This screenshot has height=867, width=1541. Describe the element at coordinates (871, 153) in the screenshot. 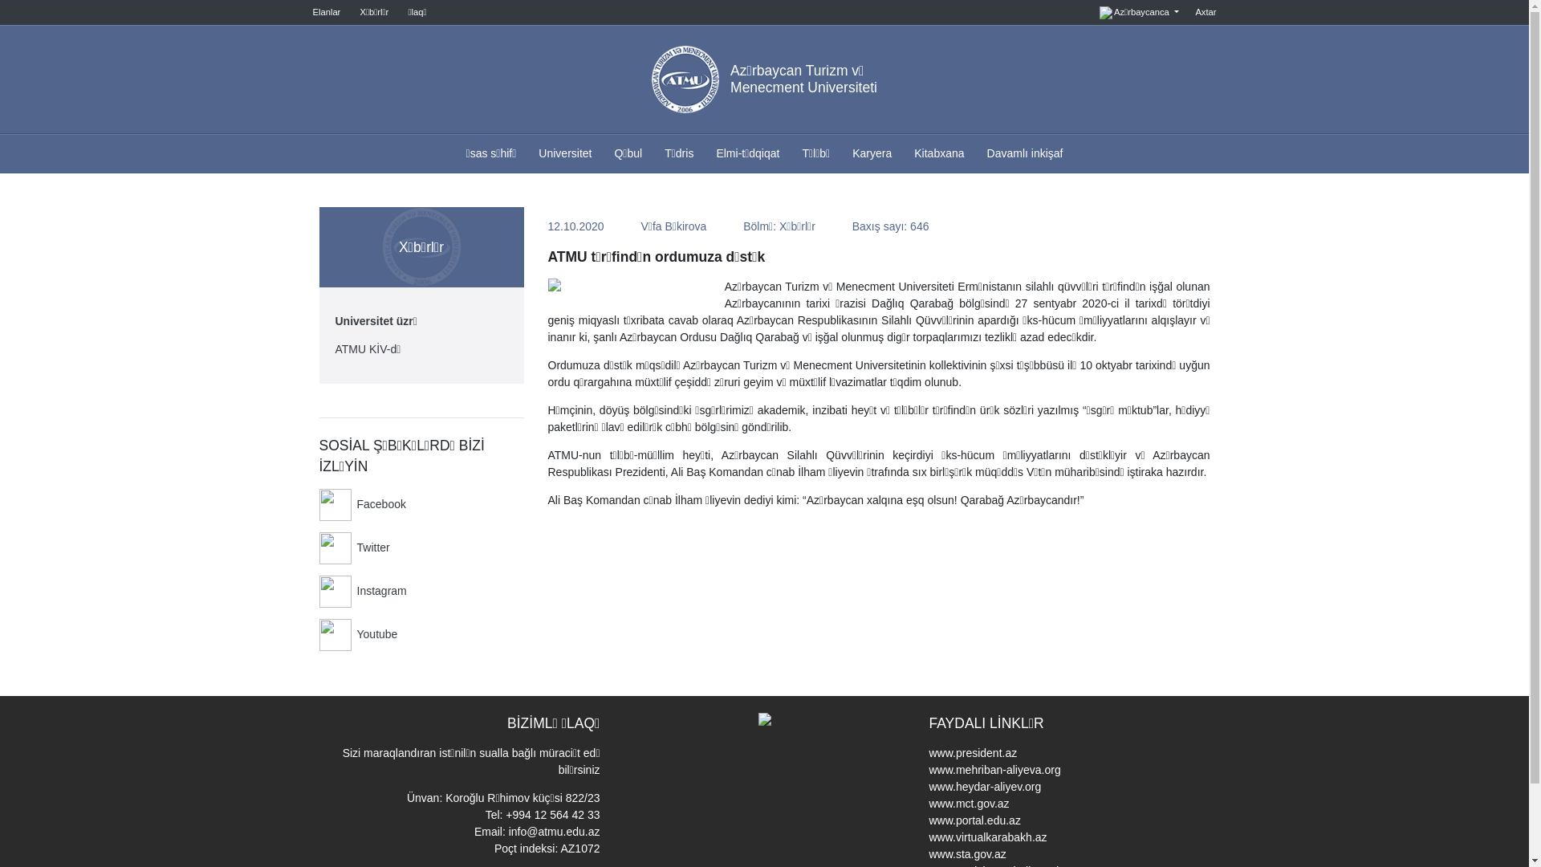

I see `'Karyera'` at that location.